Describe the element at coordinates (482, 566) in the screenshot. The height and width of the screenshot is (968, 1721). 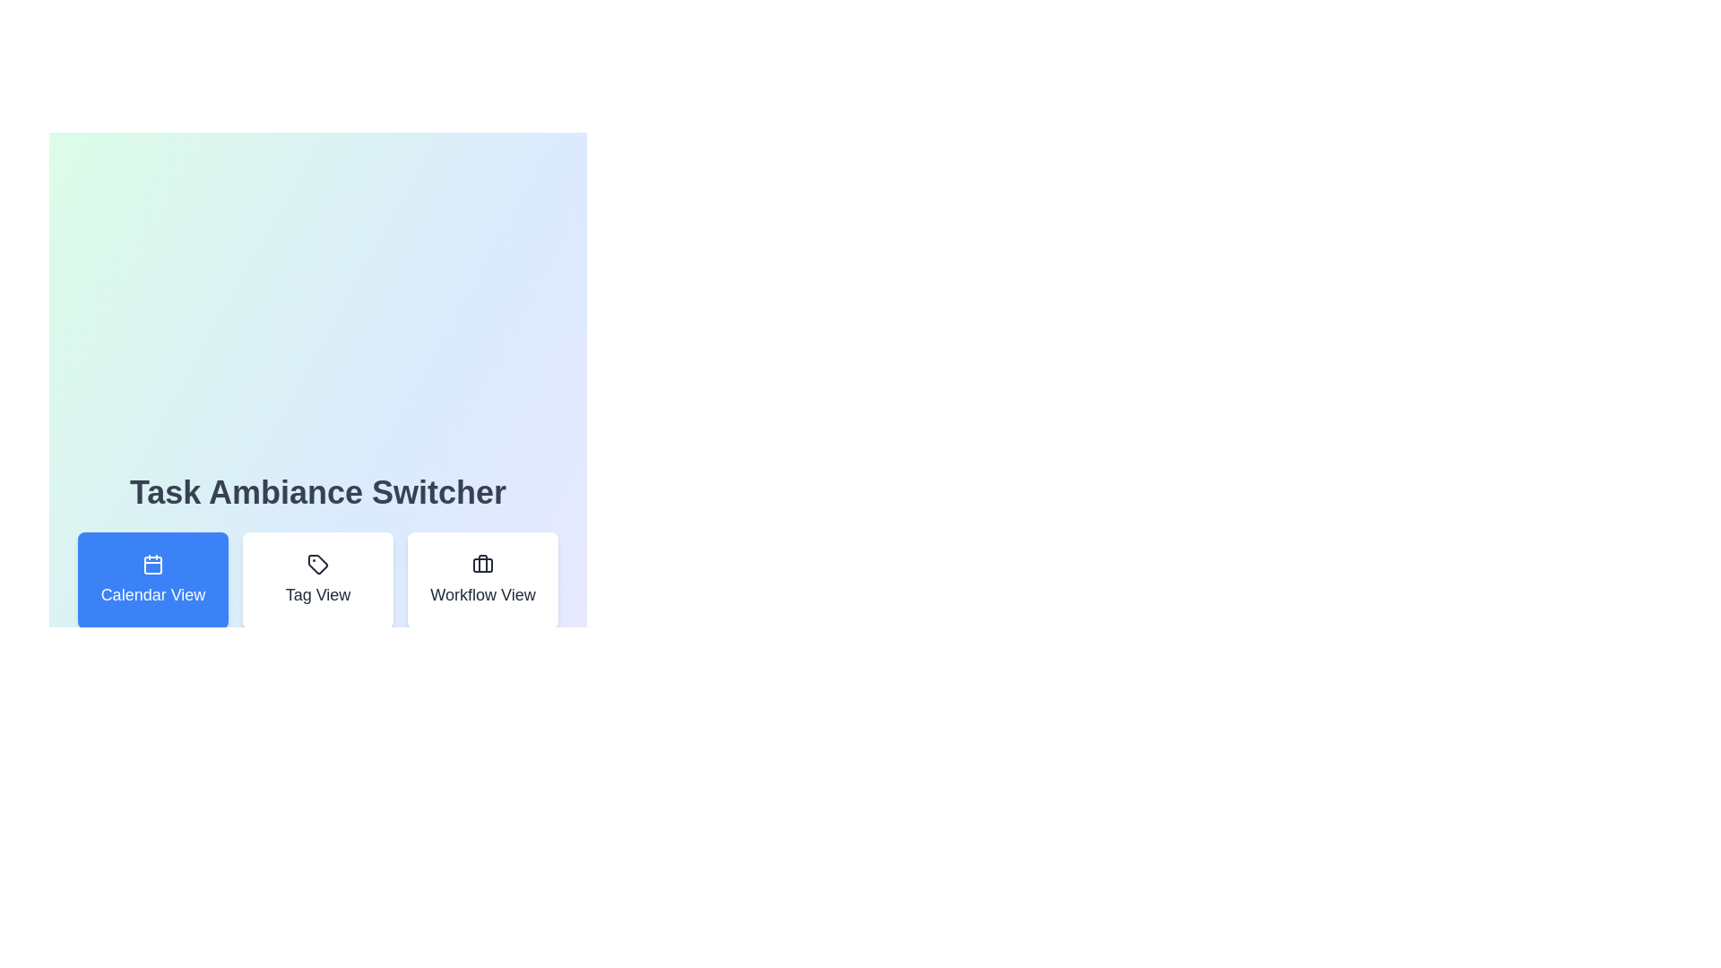
I see `the rectangular body portion of the SVG briefcase icon located within the 'Workflow View' button` at that location.